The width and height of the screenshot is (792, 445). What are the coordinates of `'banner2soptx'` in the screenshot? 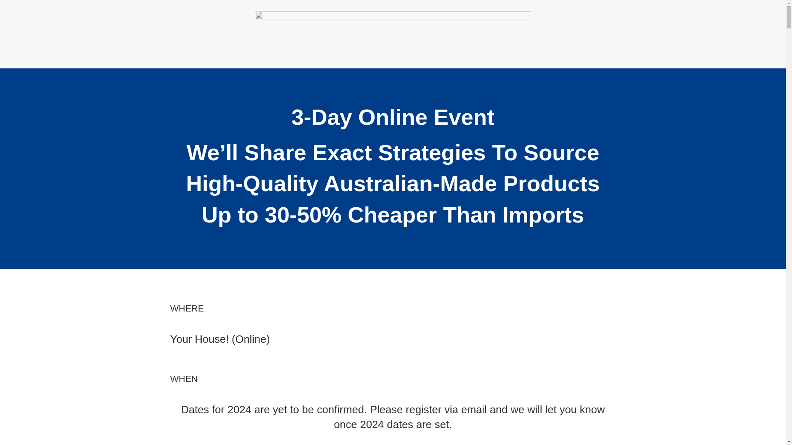 It's located at (393, 40).